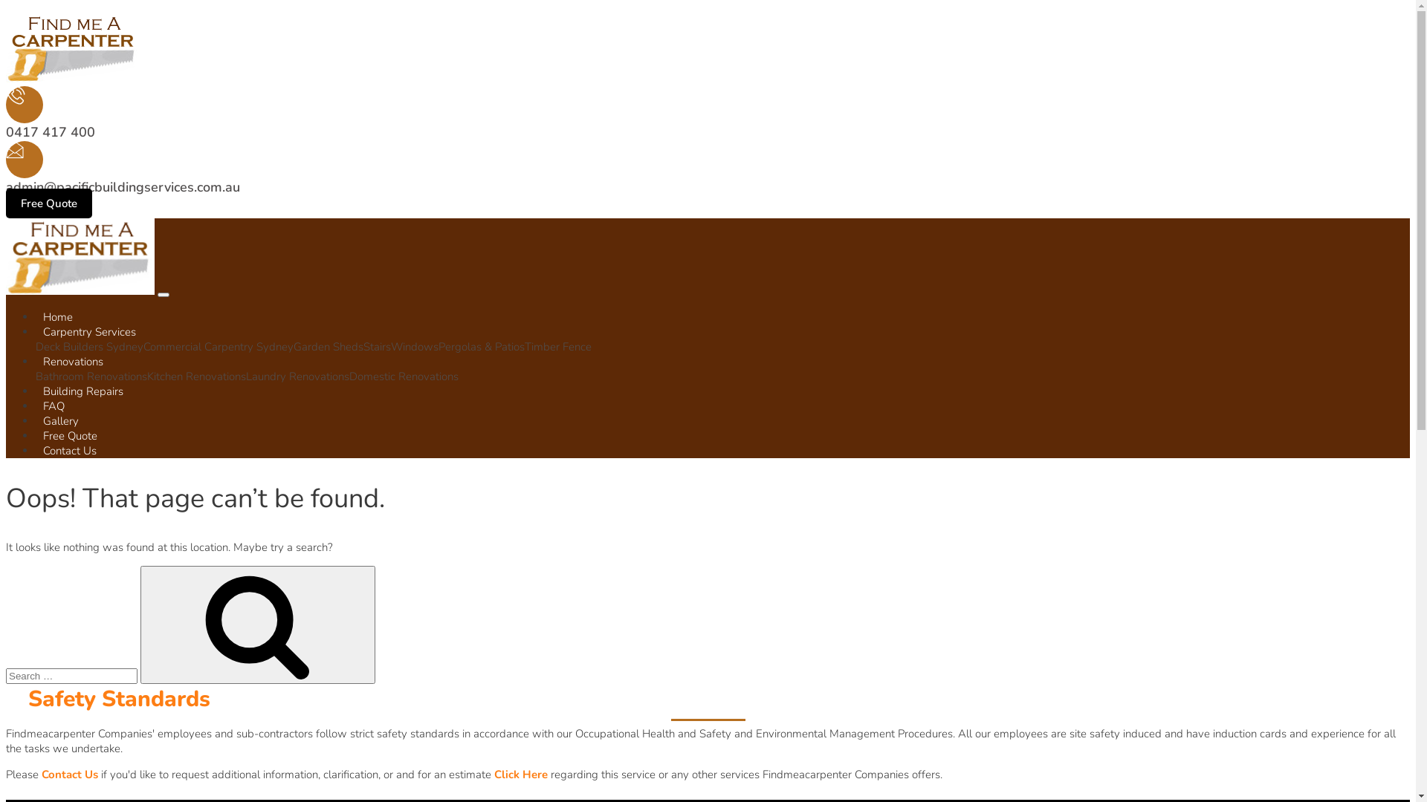 This screenshot has height=802, width=1427. Describe the element at coordinates (257, 625) in the screenshot. I see `'Search'` at that location.